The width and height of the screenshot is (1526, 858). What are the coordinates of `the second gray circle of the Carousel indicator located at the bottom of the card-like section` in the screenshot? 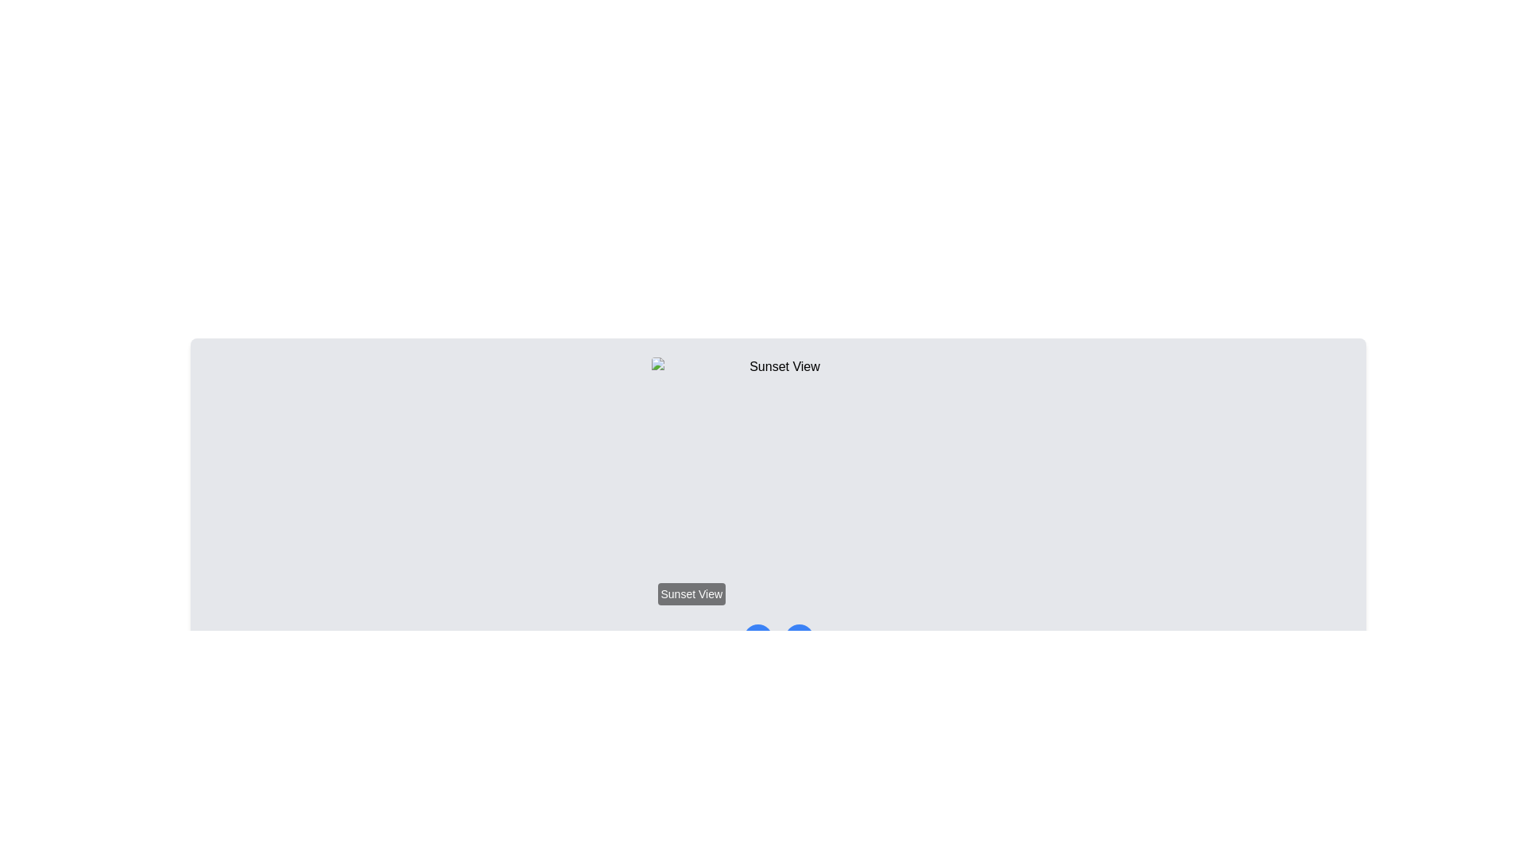 It's located at (778, 671).